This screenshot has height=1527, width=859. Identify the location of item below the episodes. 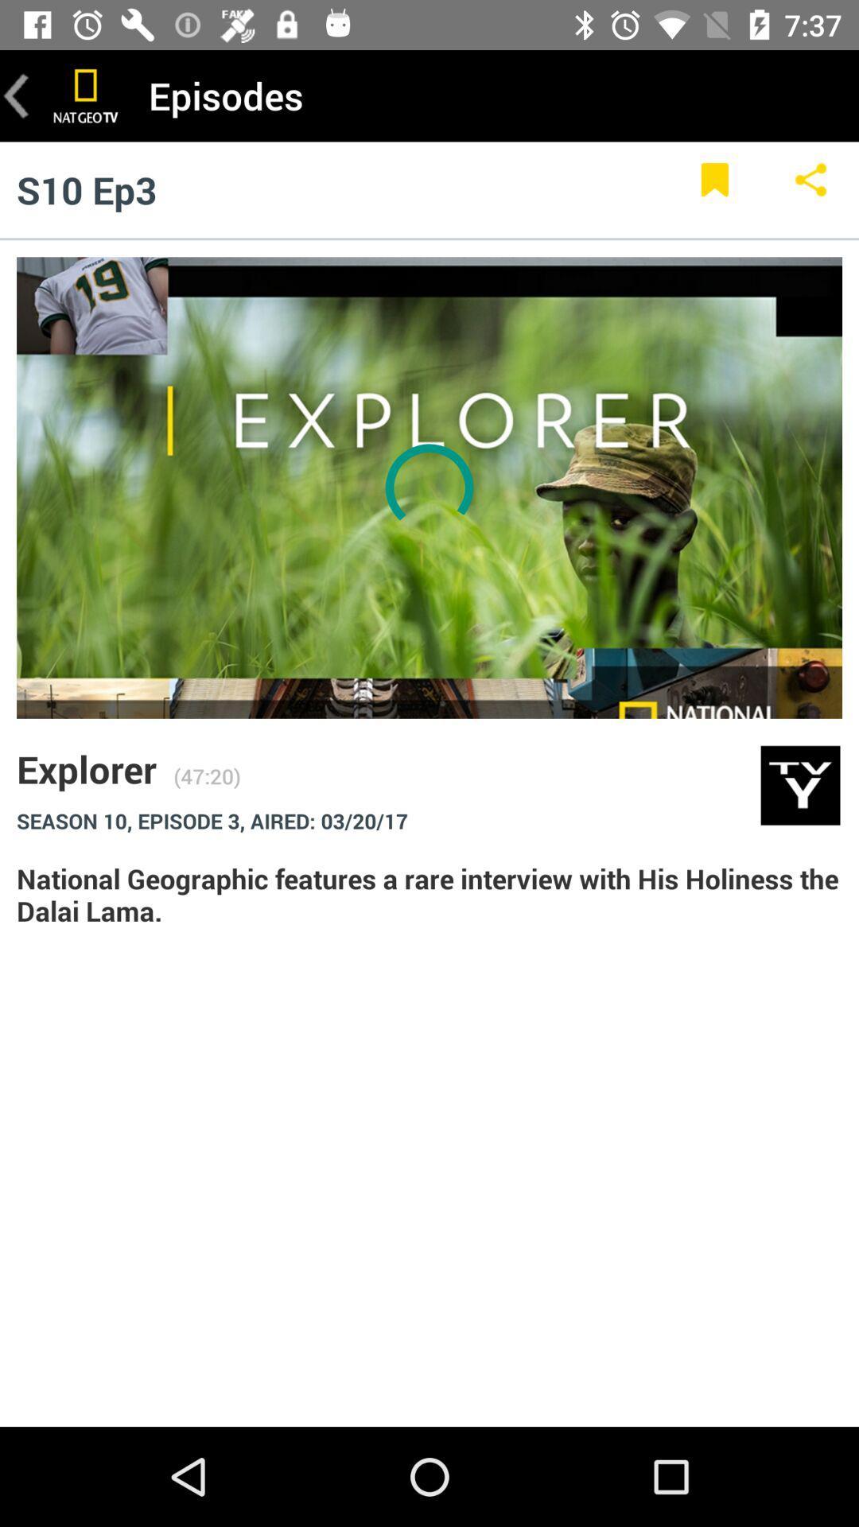
(713, 189).